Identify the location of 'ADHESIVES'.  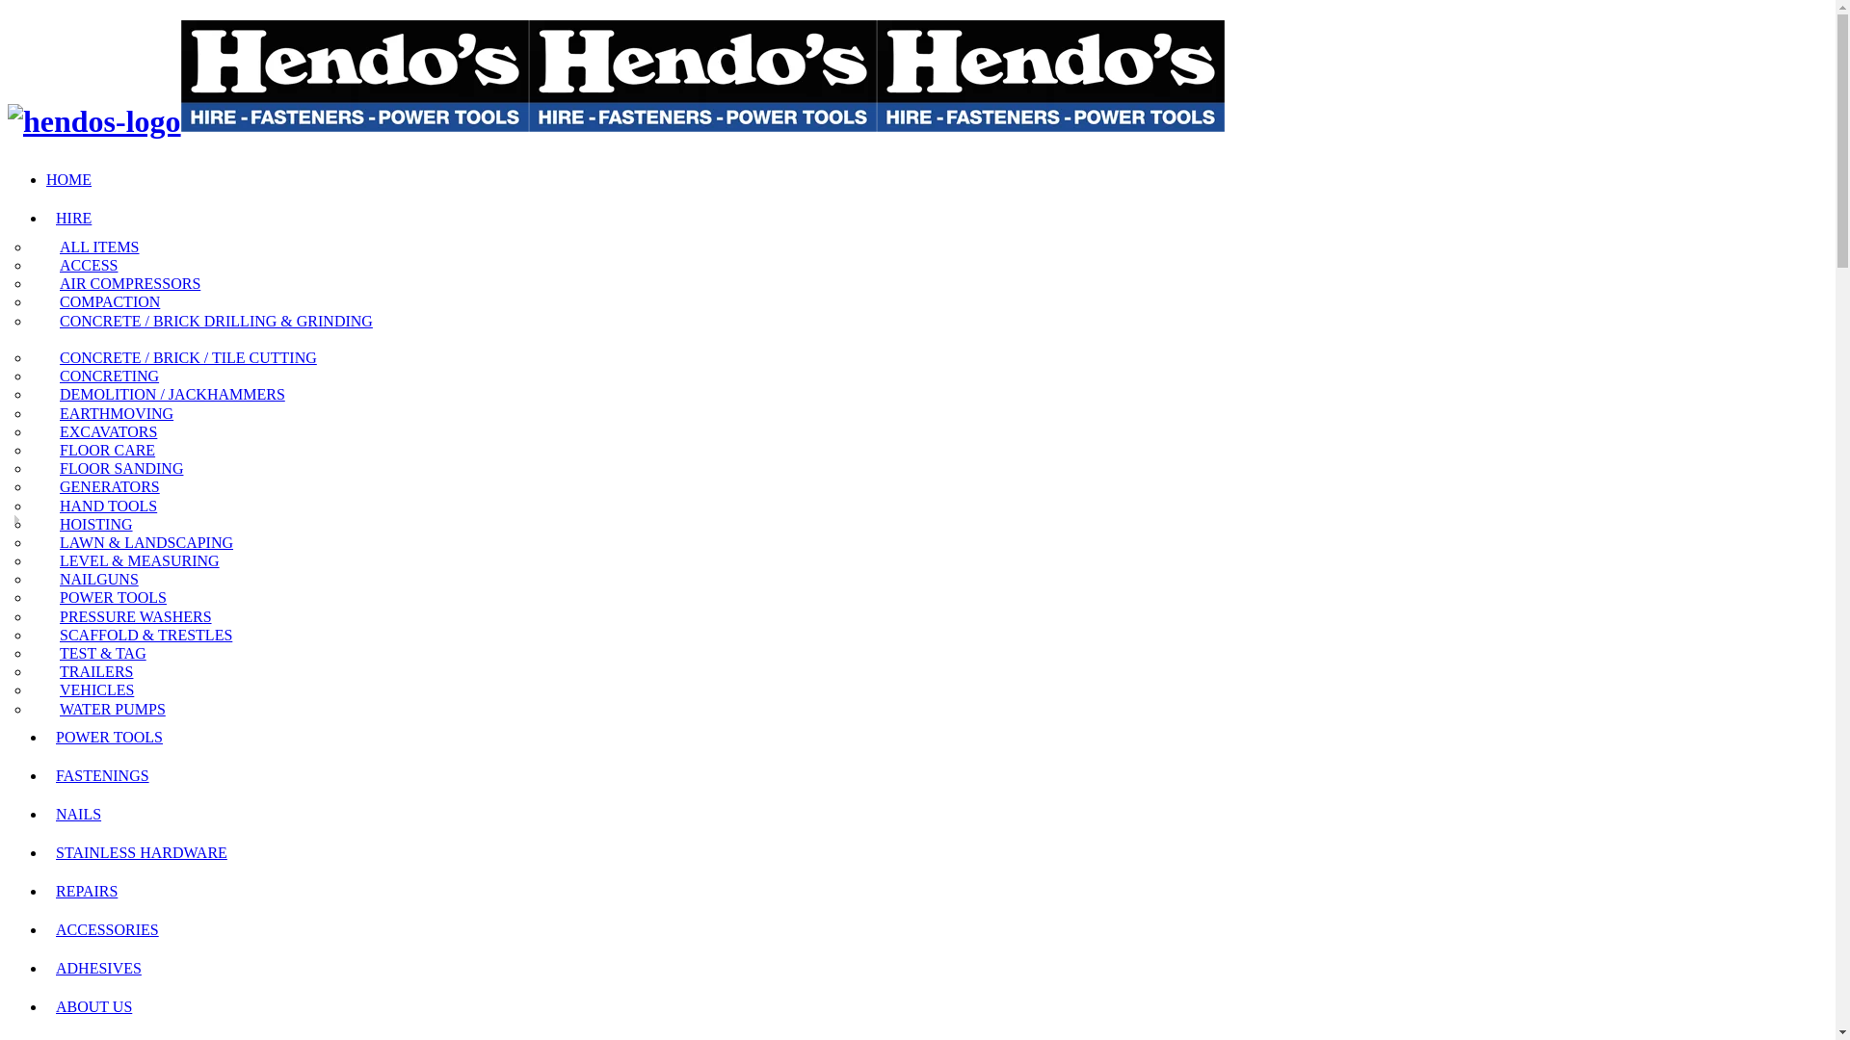
(97, 968).